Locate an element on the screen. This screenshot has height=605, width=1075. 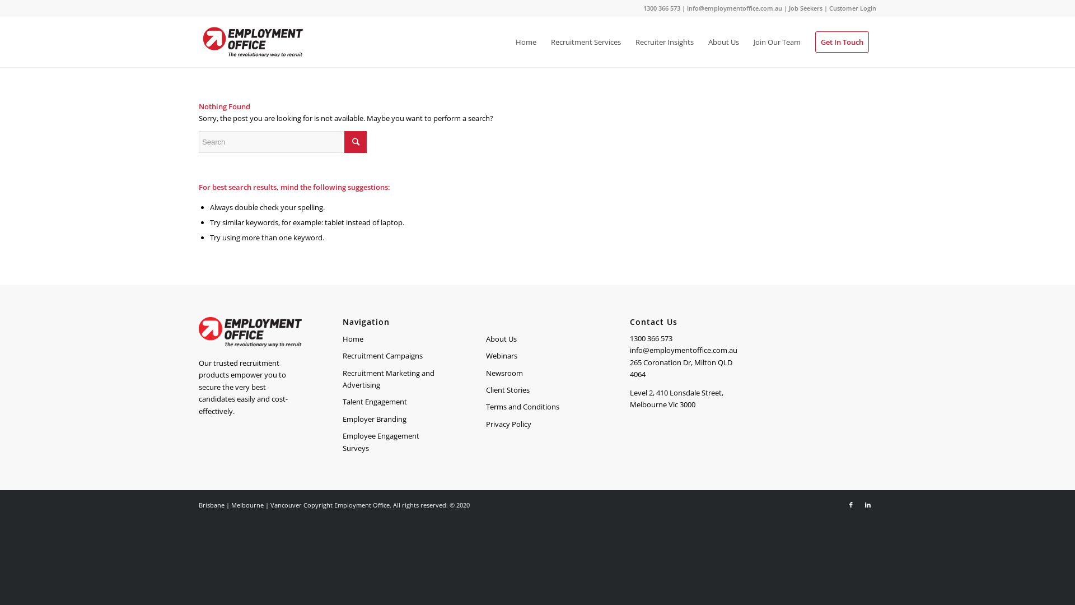
'About Us' is located at coordinates (700, 41).